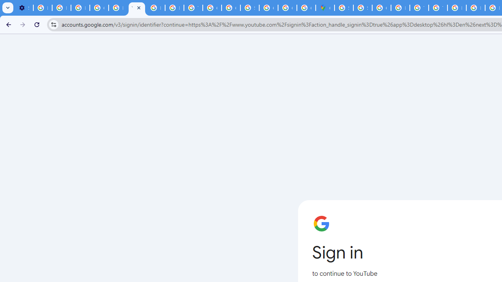  What do you see at coordinates (61, 8) in the screenshot?
I see `'Learn how to find your photos - Google Photos Help'` at bounding box center [61, 8].